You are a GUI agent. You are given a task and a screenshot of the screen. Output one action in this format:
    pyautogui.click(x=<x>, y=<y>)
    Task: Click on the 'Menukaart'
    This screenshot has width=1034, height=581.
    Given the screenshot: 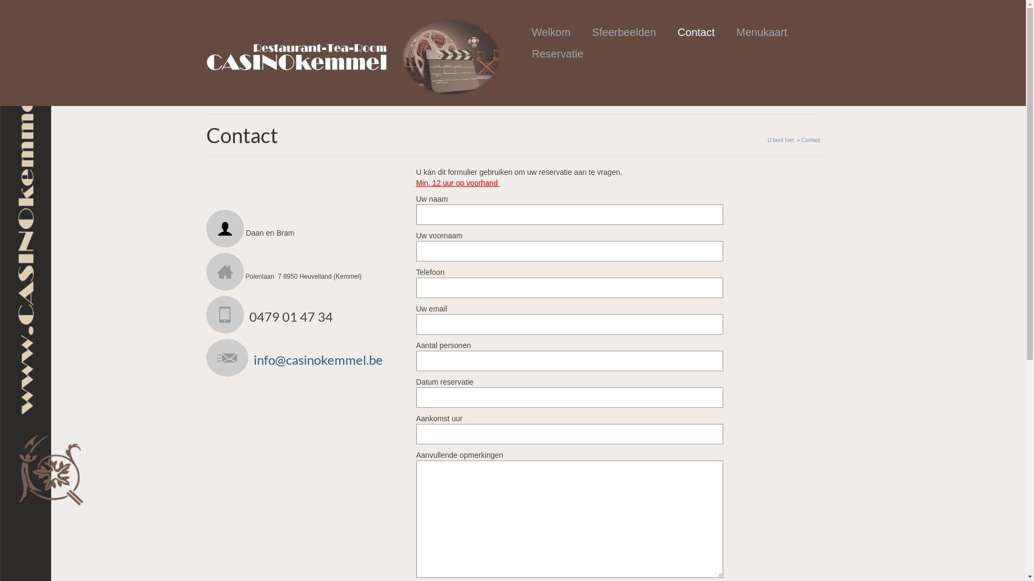 What is the action you would take?
    pyautogui.click(x=761, y=32)
    